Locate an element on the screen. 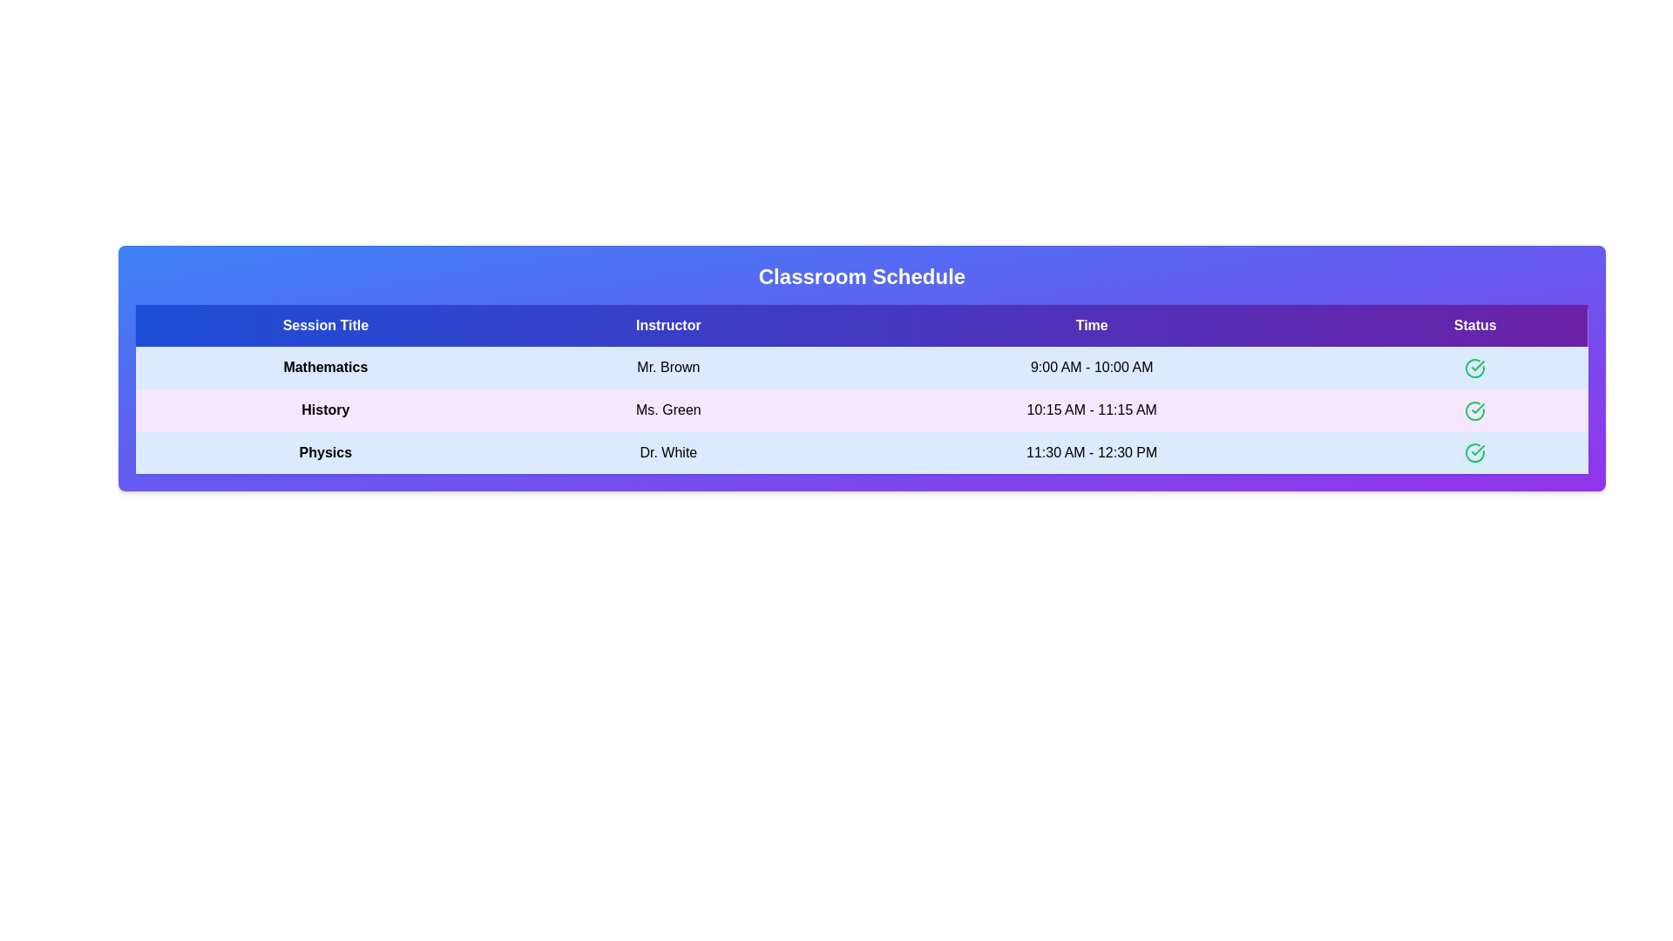 The width and height of the screenshot is (1673, 941). the status icon for the session titled History is located at coordinates (1474, 410).